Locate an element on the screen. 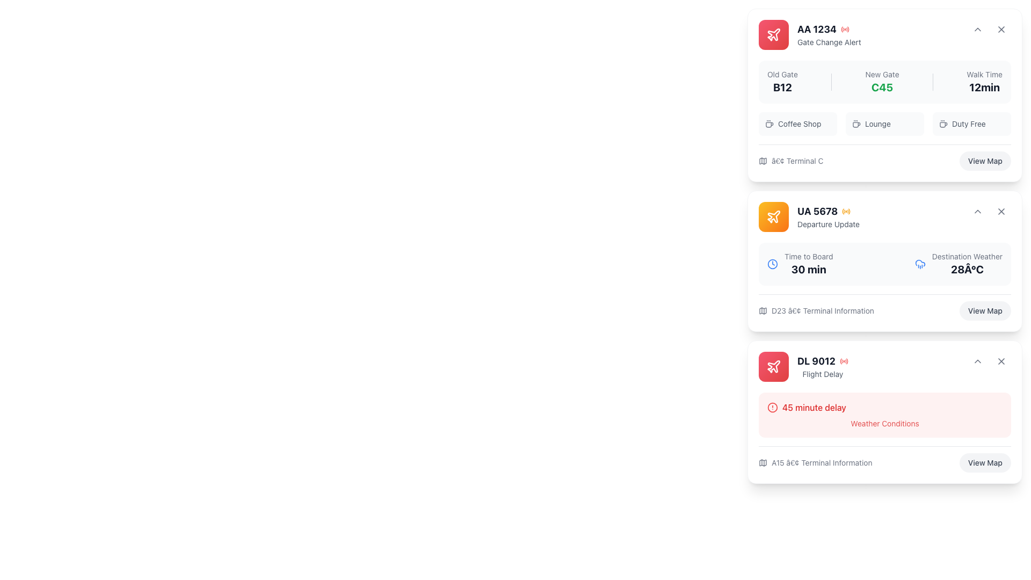 The width and height of the screenshot is (1031, 580). the text label displaying '• Terminal C' located at the bottom section of the card is located at coordinates (797, 161).